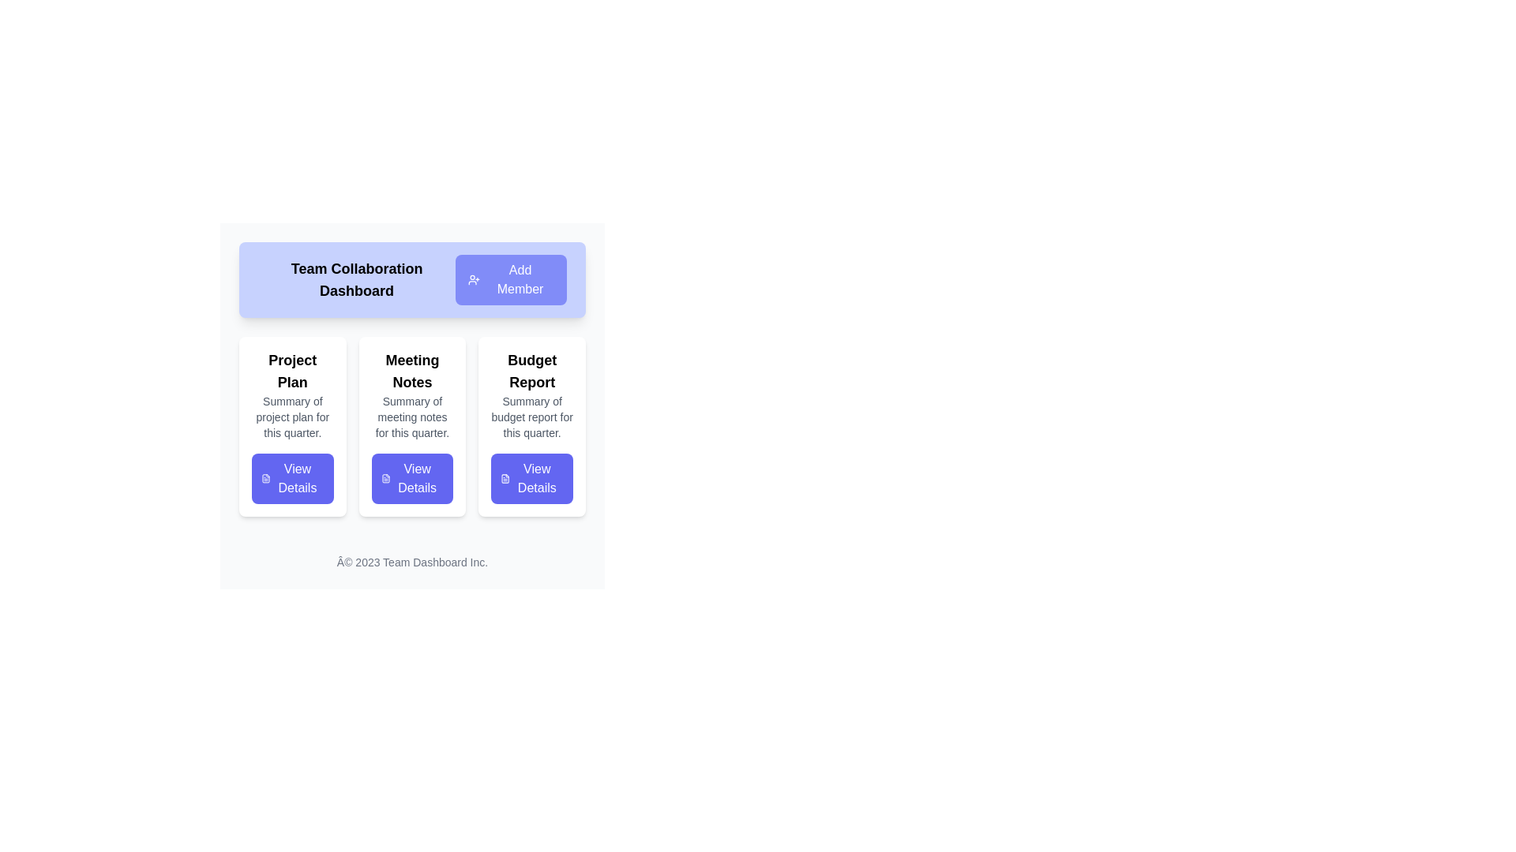 The width and height of the screenshot is (1516, 852). What do you see at coordinates (412, 426) in the screenshot?
I see `the button on the 'Meeting Notes' card` at bounding box center [412, 426].